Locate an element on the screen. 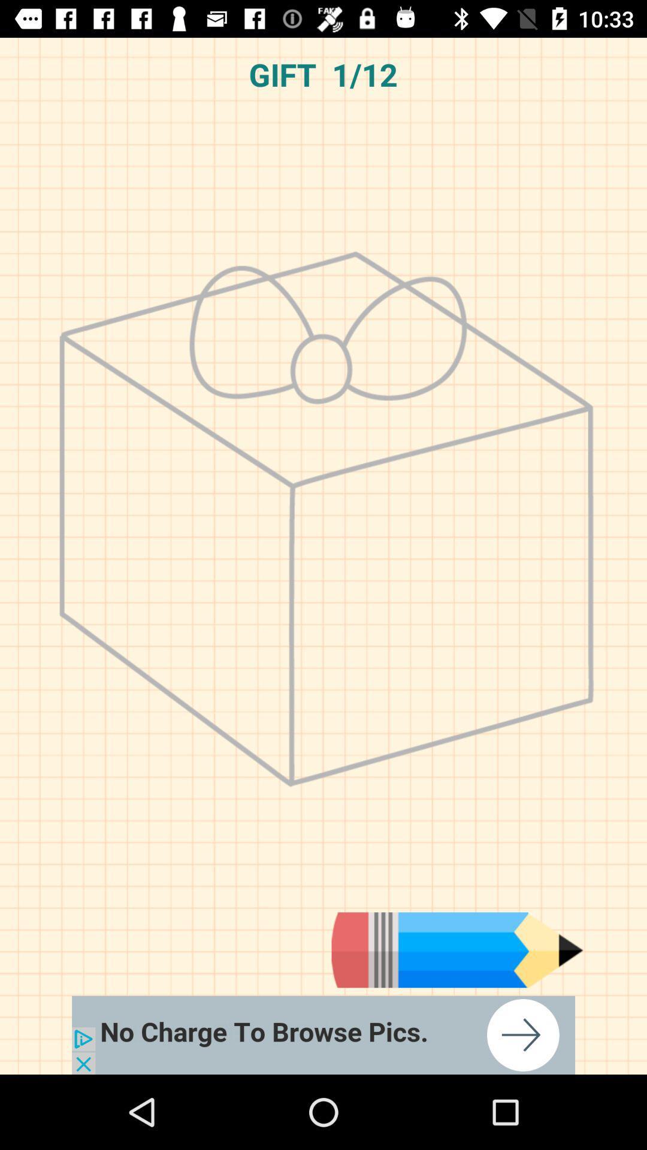 This screenshot has height=1150, width=647. draw is located at coordinates (457, 949).